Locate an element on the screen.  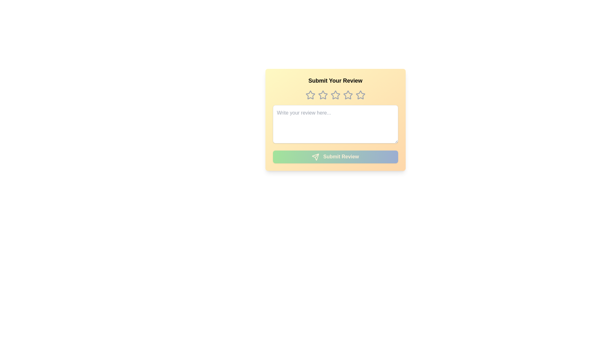
the vector graphic element that resembles a line segment slanting downward to the right within the 'Submit Review' button, located near the left side of the text content is located at coordinates (317, 155).